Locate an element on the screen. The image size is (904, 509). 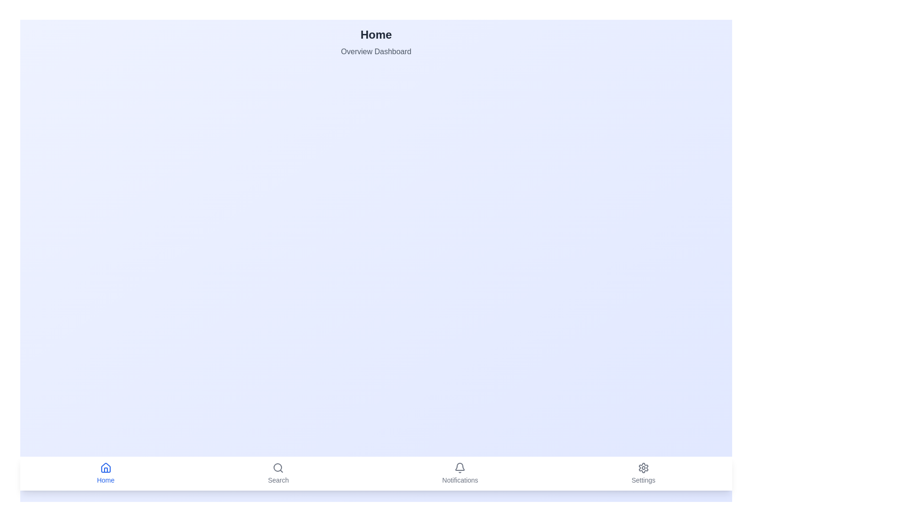
the Notifications tab in the bottom navigation bar is located at coordinates (460, 474).